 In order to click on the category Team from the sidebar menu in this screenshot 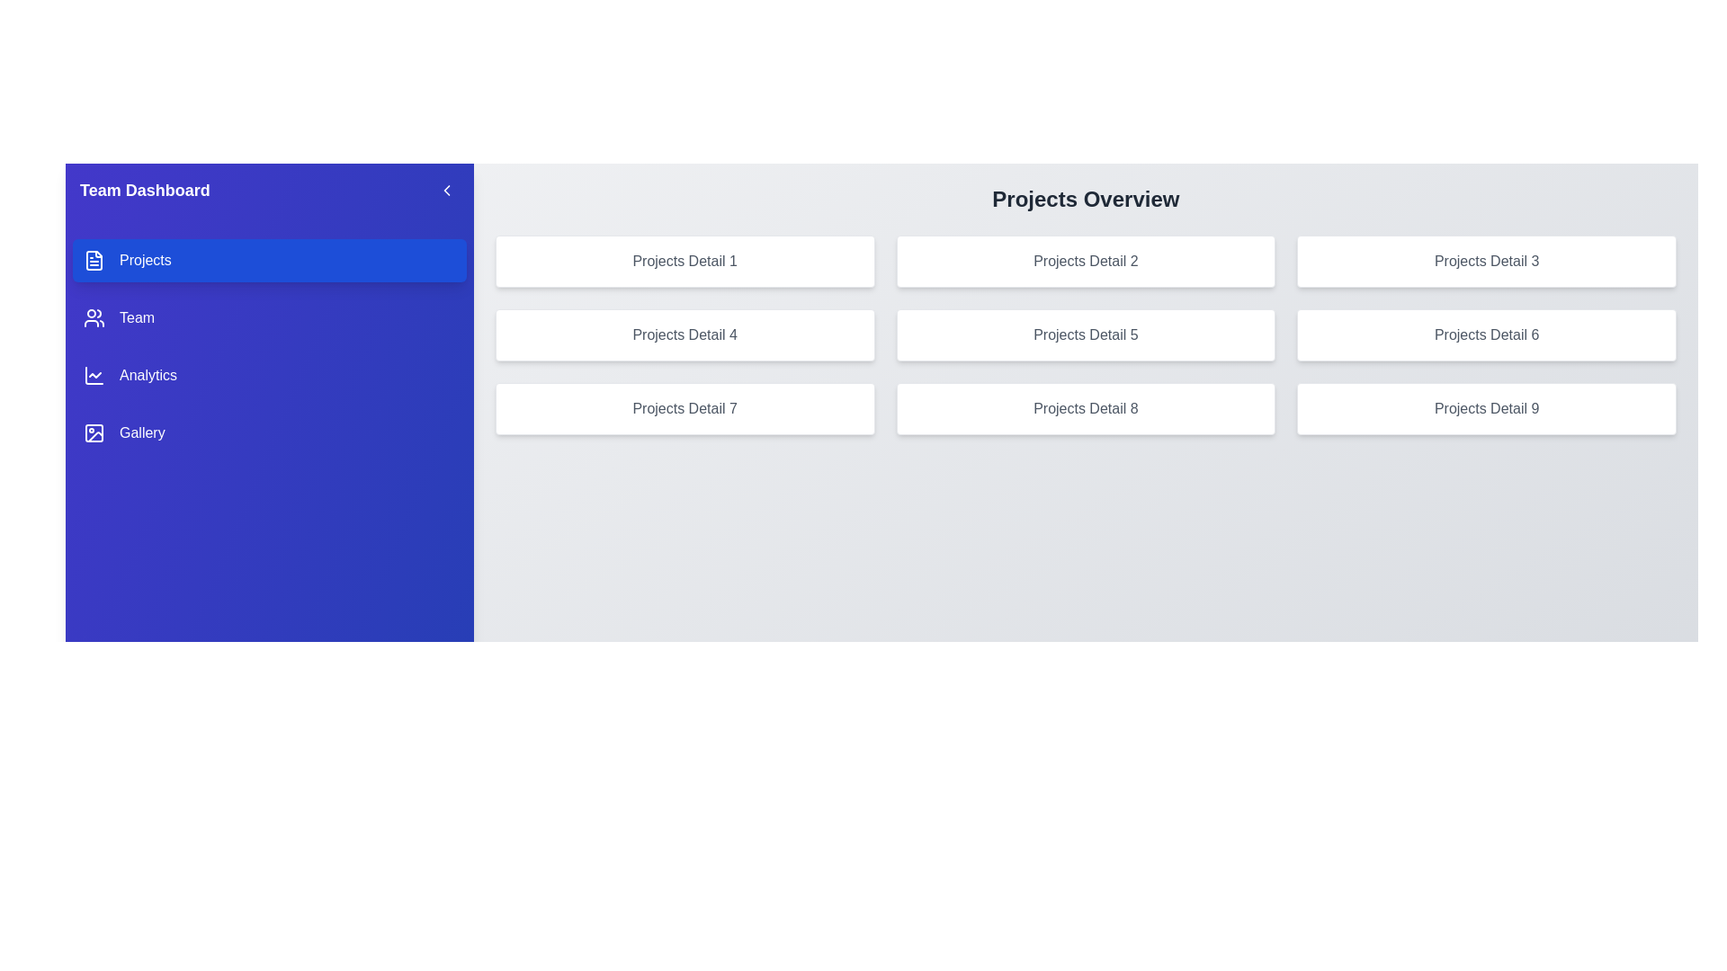, I will do `click(268, 317)`.